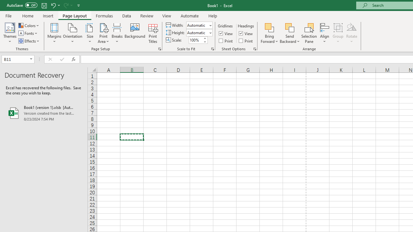  I want to click on 'Less', so click(204, 42).